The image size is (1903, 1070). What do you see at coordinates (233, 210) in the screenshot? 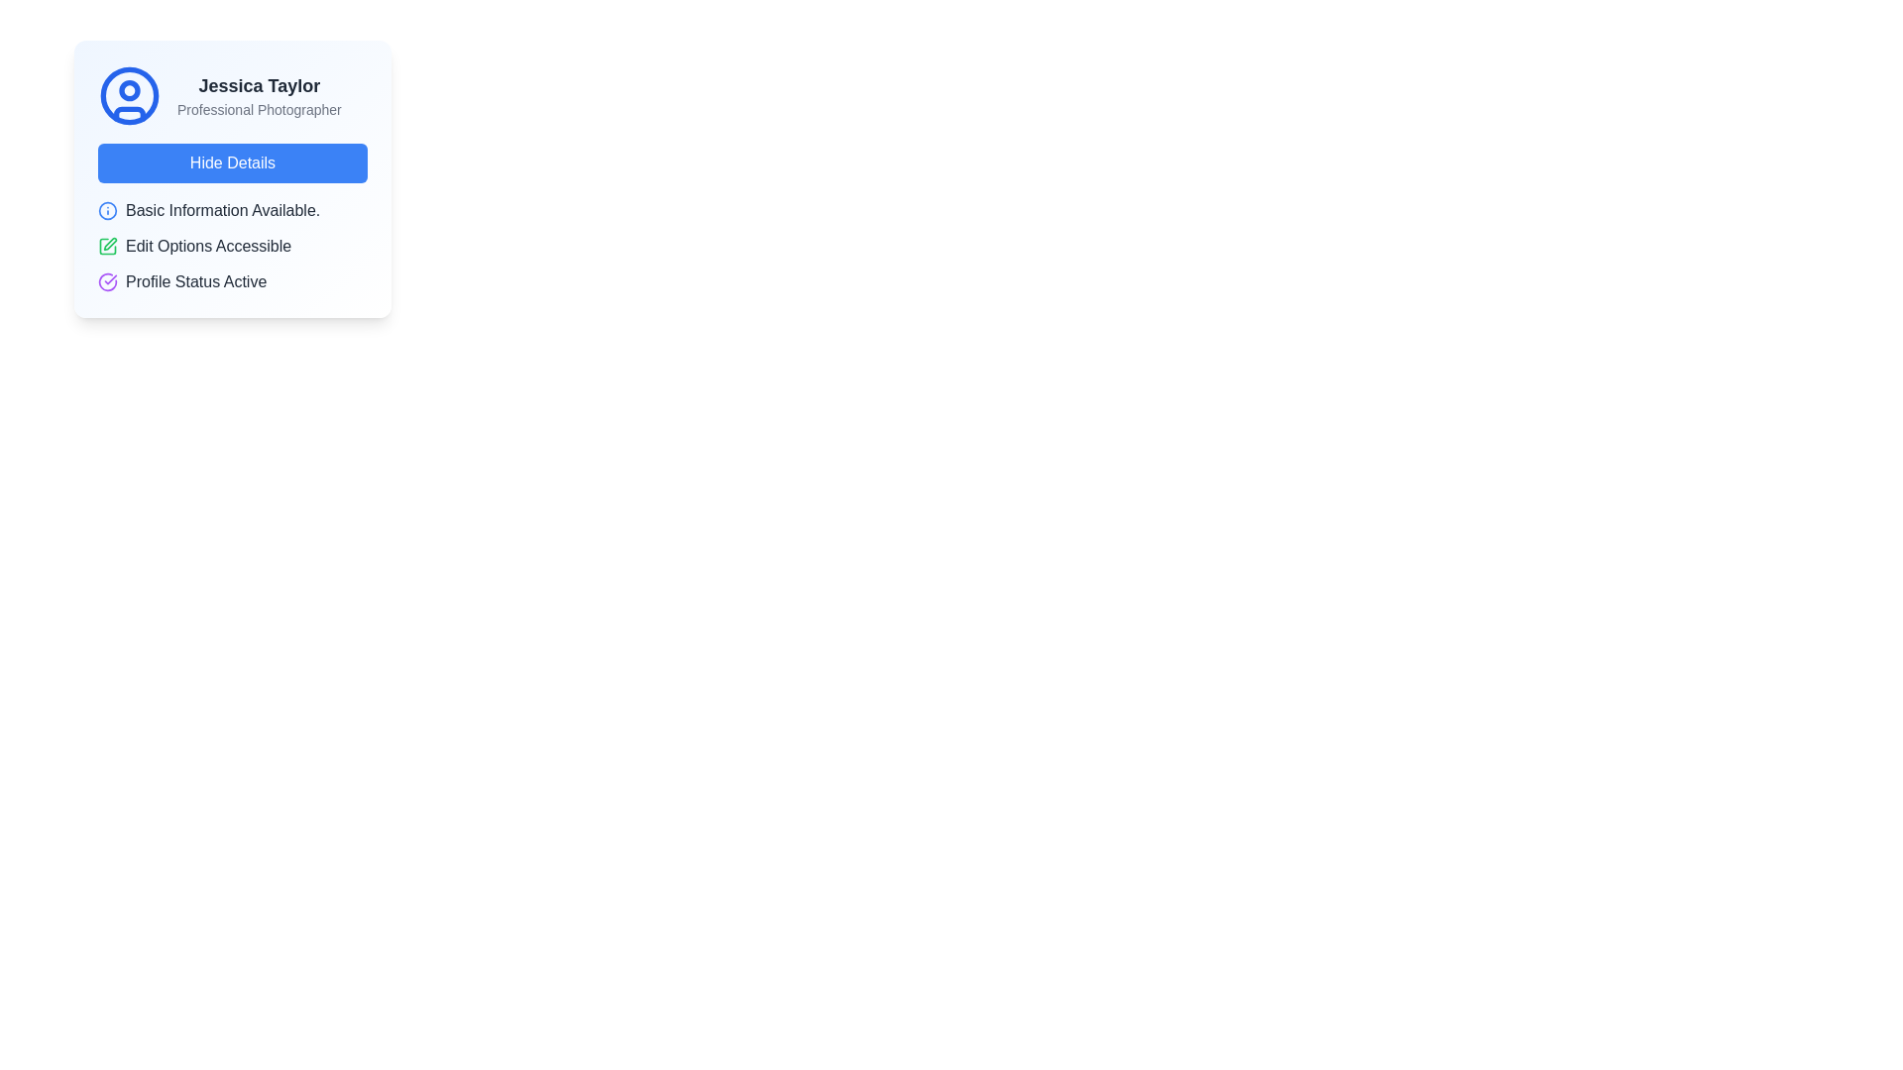
I see `the text label 'Basic Information Available.' with a blue circular information icon on its left, located in the middle of the card` at bounding box center [233, 210].